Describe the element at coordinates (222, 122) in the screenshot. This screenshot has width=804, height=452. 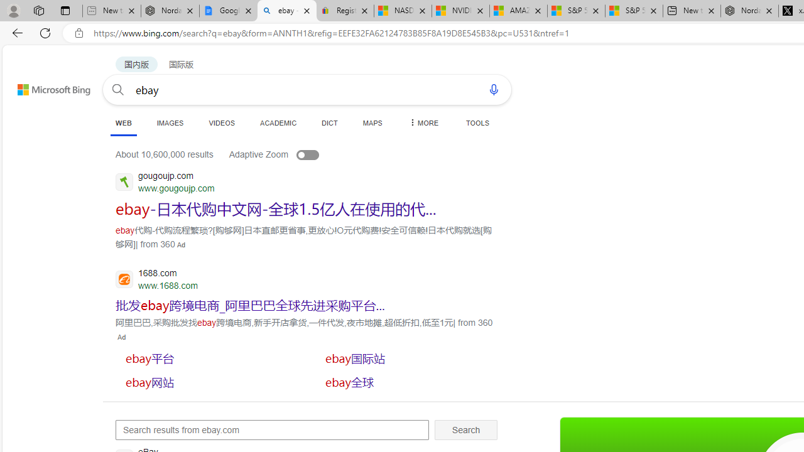
I see `'VIDEOS'` at that location.